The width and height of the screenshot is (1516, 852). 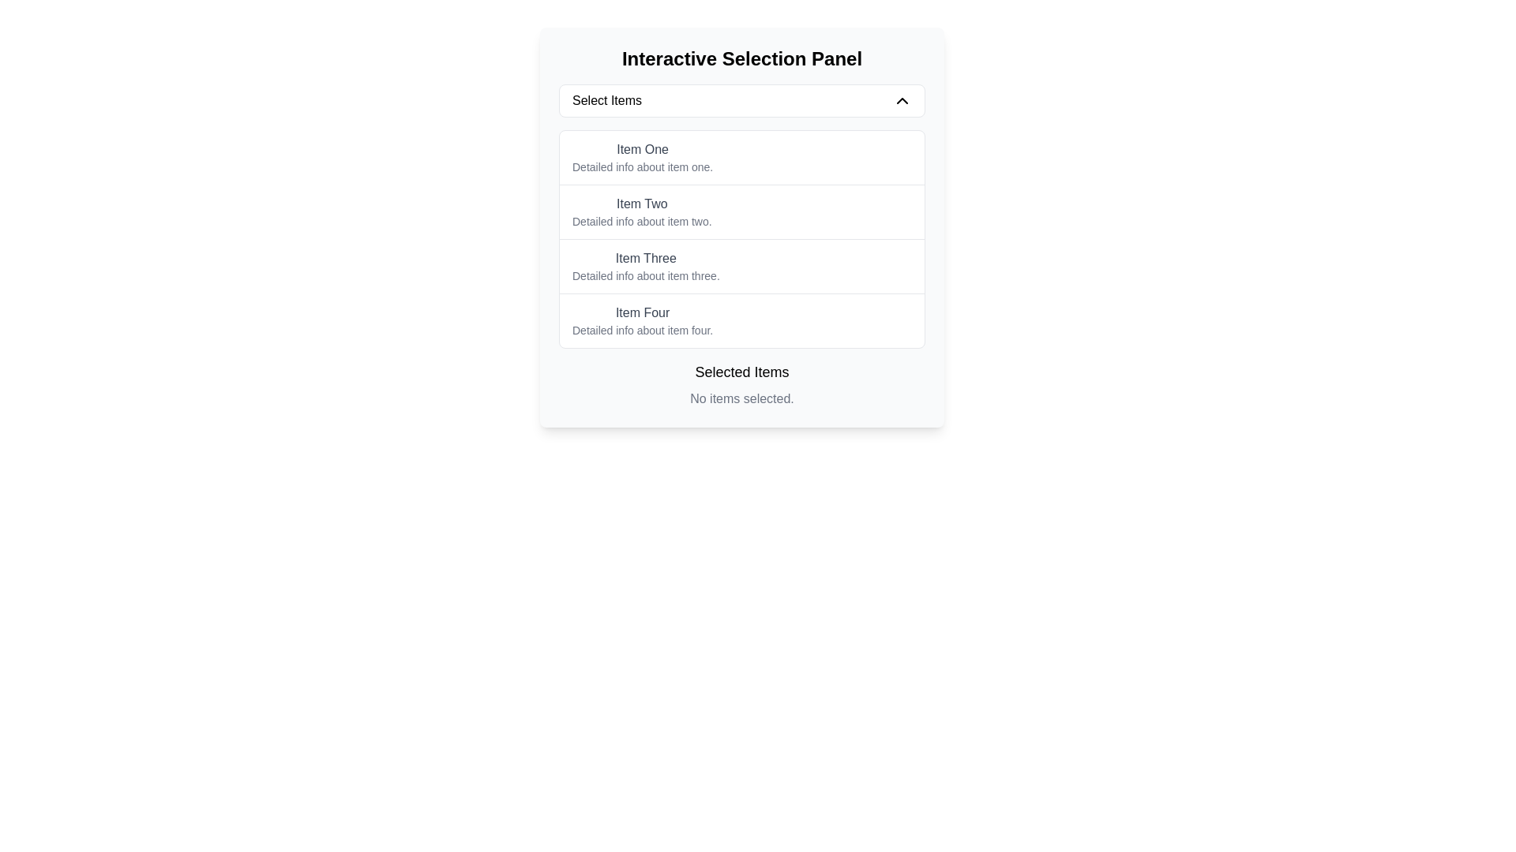 What do you see at coordinates (741, 158) in the screenshot?
I see `the first selectable list item in the 'Interactive Selection Panel' that relates to 'Item One'` at bounding box center [741, 158].